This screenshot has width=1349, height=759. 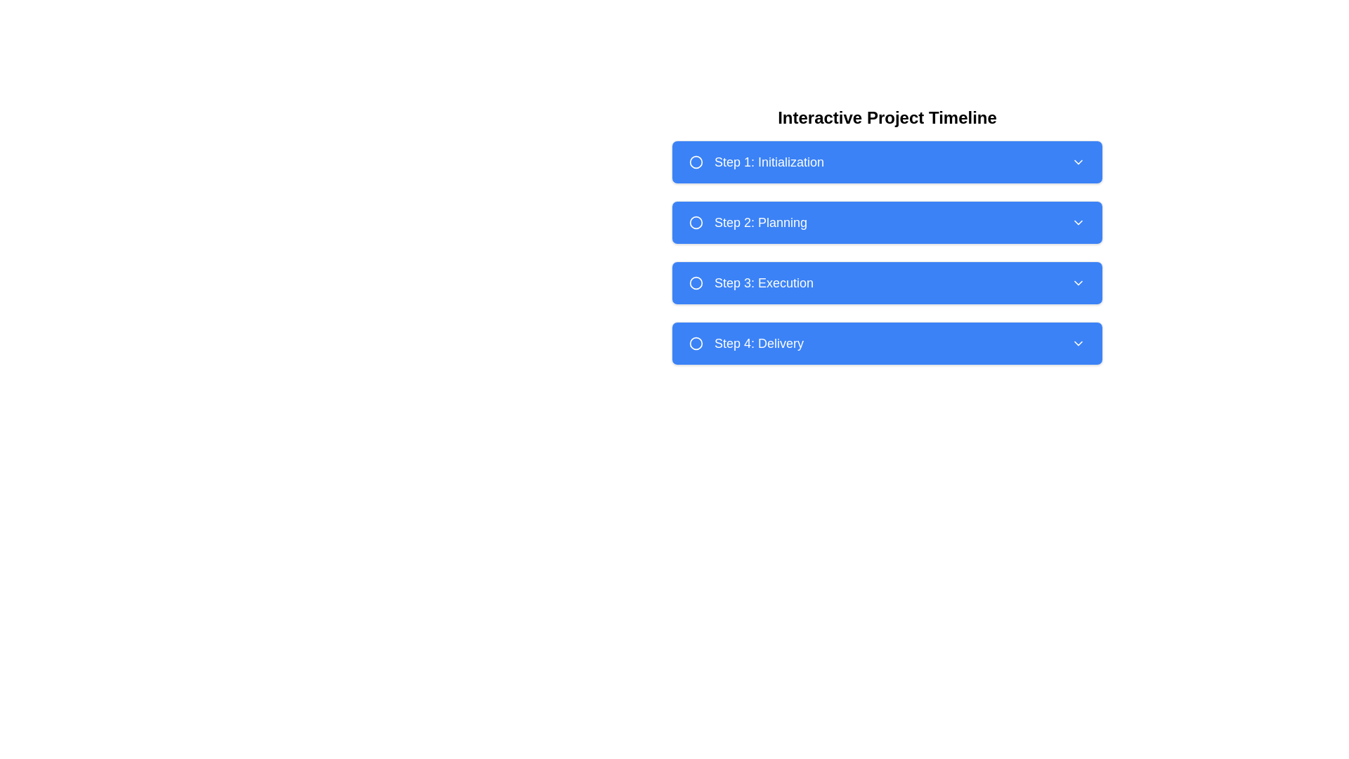 I want to click on the collapsible button for 'Step 2: Planning', so click(x=886, y=221).